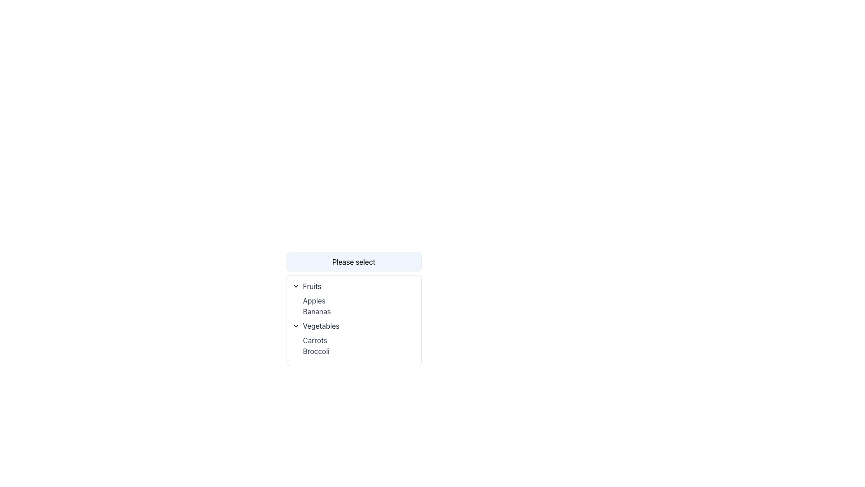 This screenshot has width=865, height=487. What do you see at coordinates (316, 351) in the screenshot?
I see `the text label displaying 'Broccoli'` at bounding box center [316, 351].